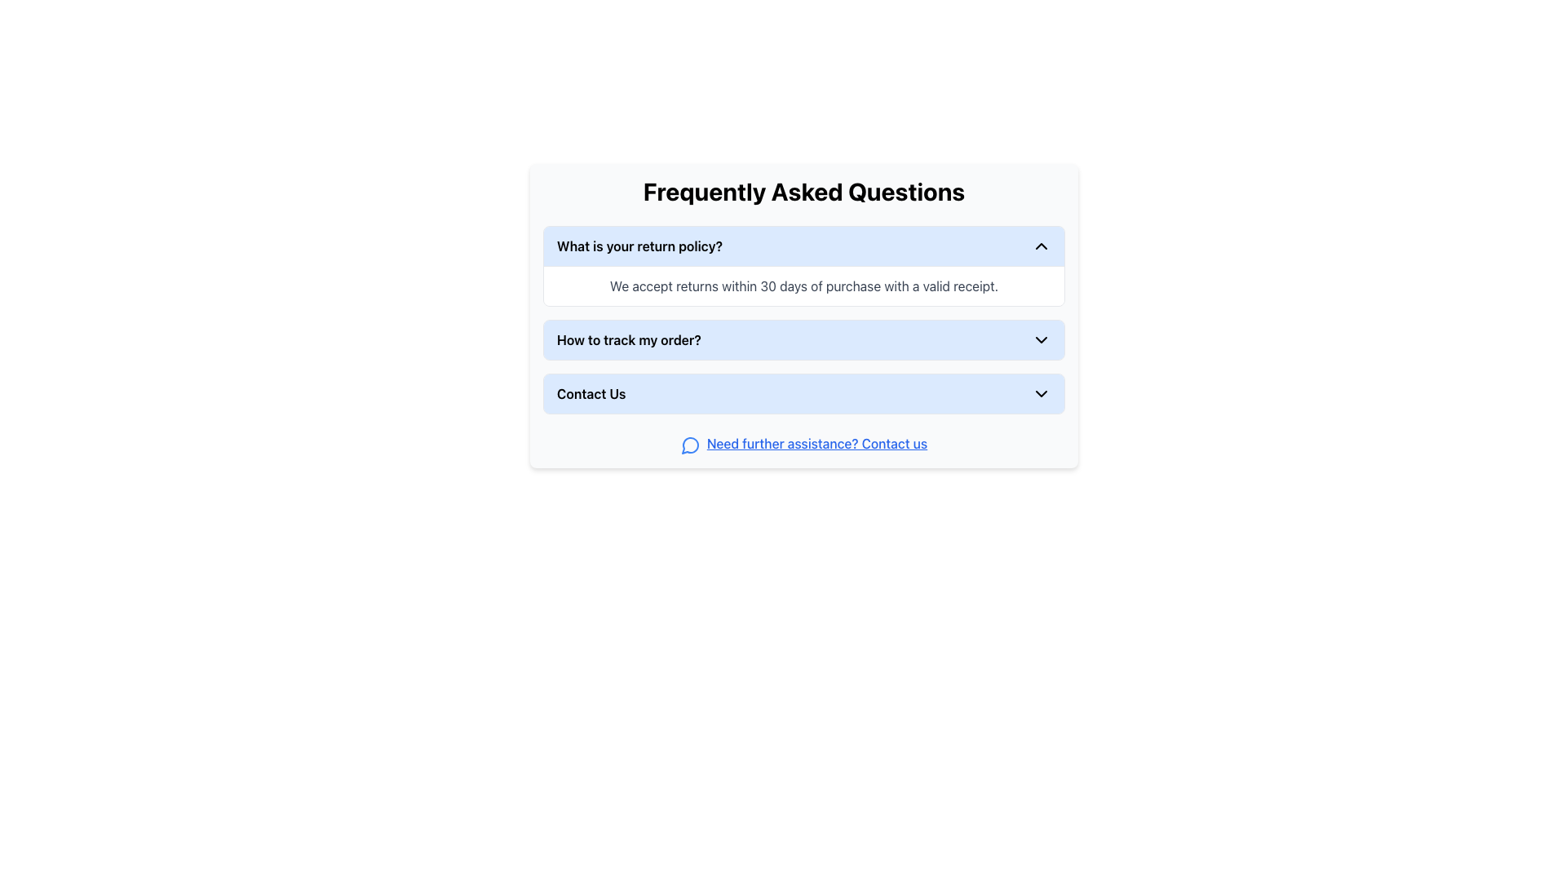  Describe the element at coordinates (803, 443) in the screenshot. I see `the hyperlink 'Contact us' within the text block at the bottom of the 'Frequently Asked Questions' section for accessibility navigation` at that location.